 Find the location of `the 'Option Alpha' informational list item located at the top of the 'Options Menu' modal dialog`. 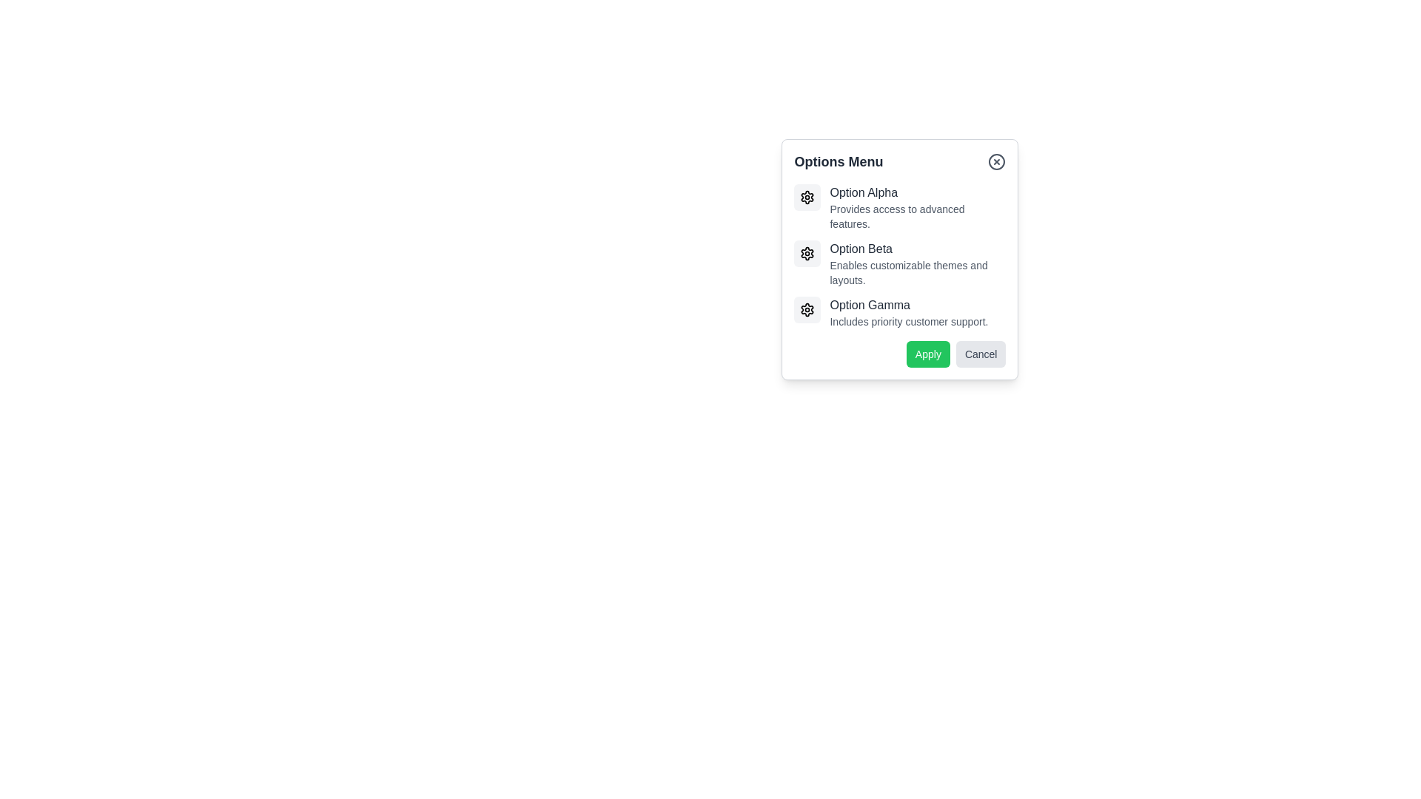

the 'Option Alpha' informational list item located at the top of the 'Options Menu' modal dialog is located at coordinates (899, 208).